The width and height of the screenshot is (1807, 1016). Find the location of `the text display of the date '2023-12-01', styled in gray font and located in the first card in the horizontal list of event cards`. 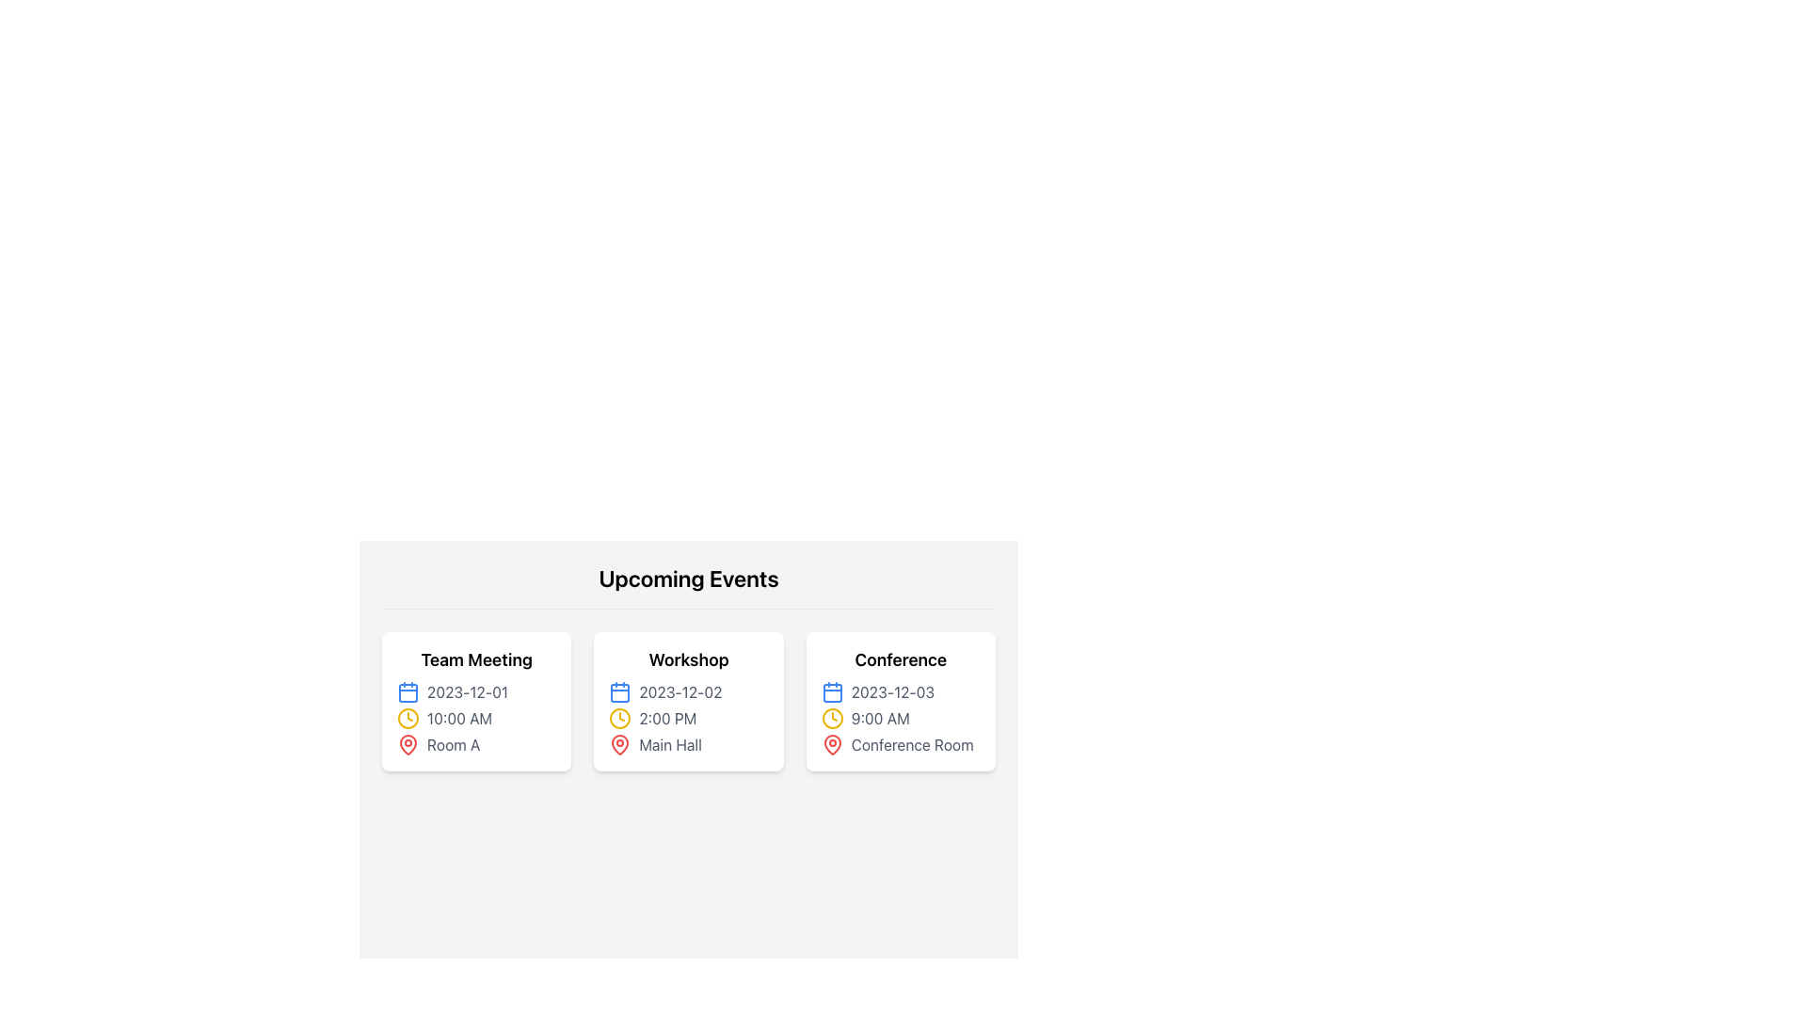

the text display of the date '2023-12-01', styled in gray font and located in the first card in the horizontal list of event cards is located at coordinates (476, 692).